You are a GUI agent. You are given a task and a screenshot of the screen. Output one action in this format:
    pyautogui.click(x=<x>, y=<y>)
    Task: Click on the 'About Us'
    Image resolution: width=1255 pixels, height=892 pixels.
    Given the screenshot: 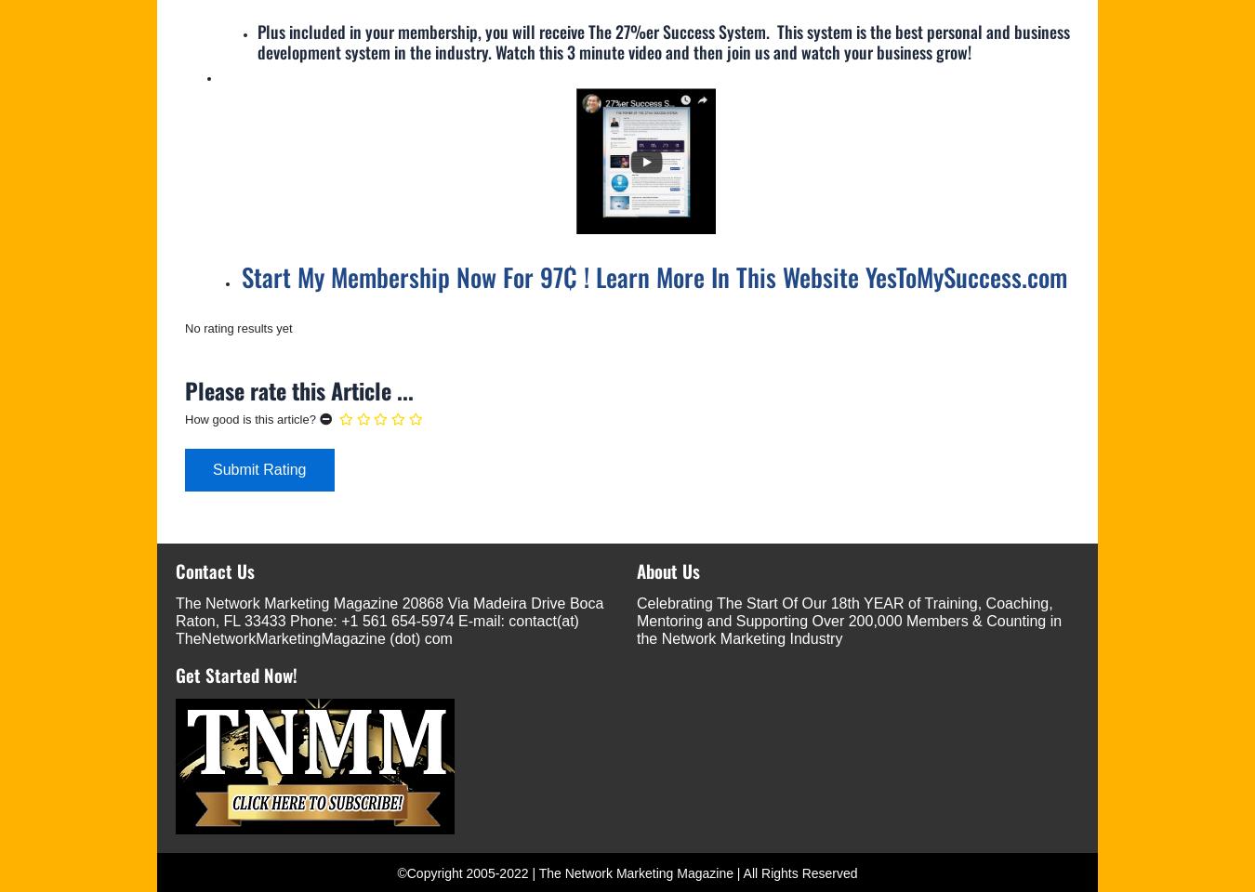 What is the action you would take?
    pyautogui.click(x=667, y=568)
    